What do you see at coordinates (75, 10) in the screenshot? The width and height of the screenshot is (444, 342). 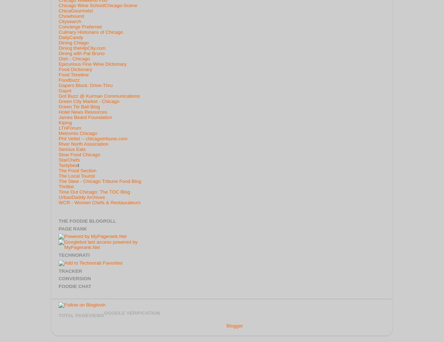 I see `'ChicaGourmets!'` at bounding box center [75, 10].